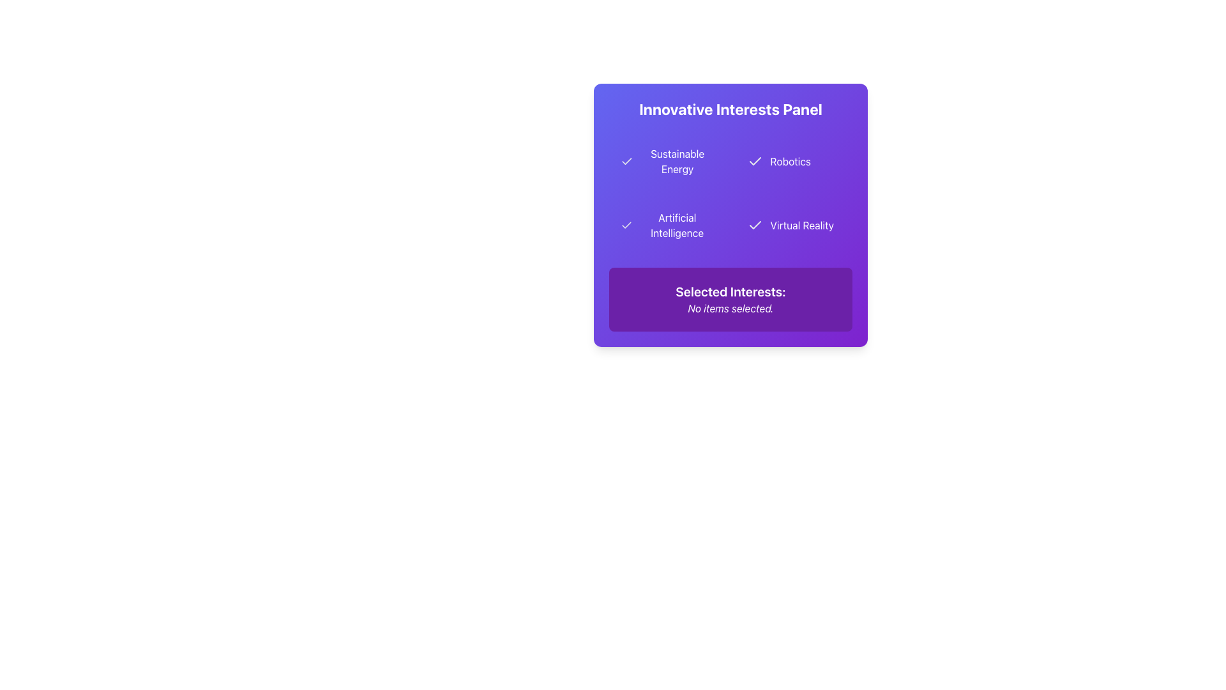  What do you see at coordinates (677, 161) in the screenshot?
I see `the 'Sustainable Energy' text label element, which is styled in a sans-serif typeface with a light color on a contrasting purple background, located within the top-left quadrant of the 'Innovative Interests Panel.'` at bounding box center [677, 161].